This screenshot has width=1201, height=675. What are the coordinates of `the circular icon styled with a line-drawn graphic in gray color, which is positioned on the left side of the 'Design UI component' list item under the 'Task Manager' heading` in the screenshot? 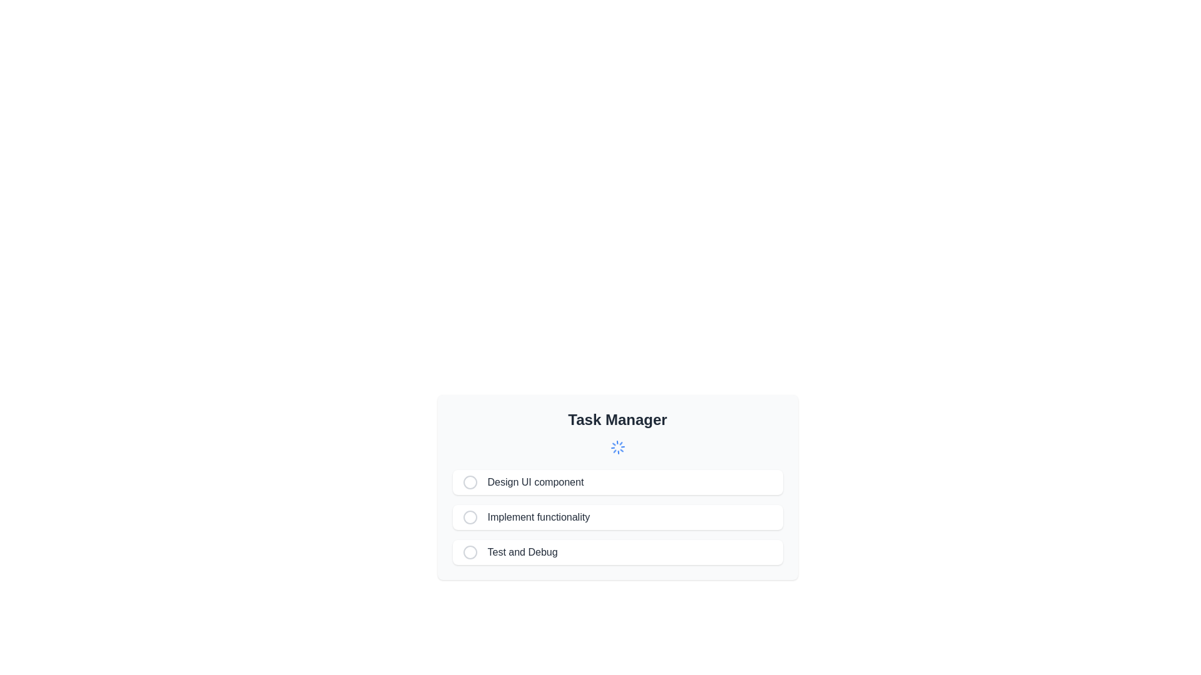 It's located at (469, 481).